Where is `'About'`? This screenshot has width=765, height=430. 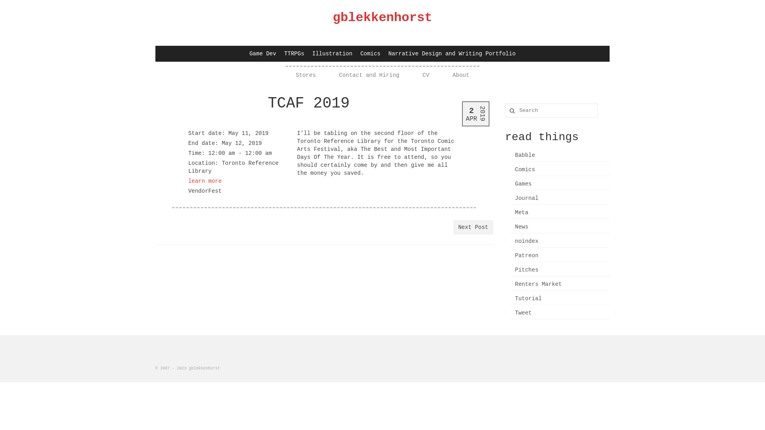 'About' is located at coordinates (453, 75).